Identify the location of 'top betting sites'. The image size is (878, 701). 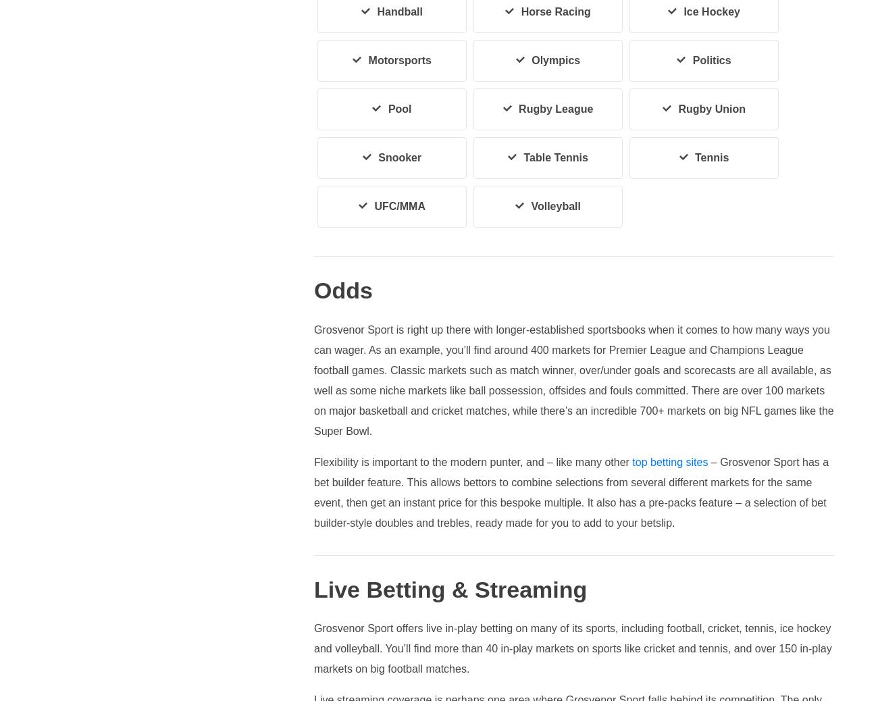
(669, 461).